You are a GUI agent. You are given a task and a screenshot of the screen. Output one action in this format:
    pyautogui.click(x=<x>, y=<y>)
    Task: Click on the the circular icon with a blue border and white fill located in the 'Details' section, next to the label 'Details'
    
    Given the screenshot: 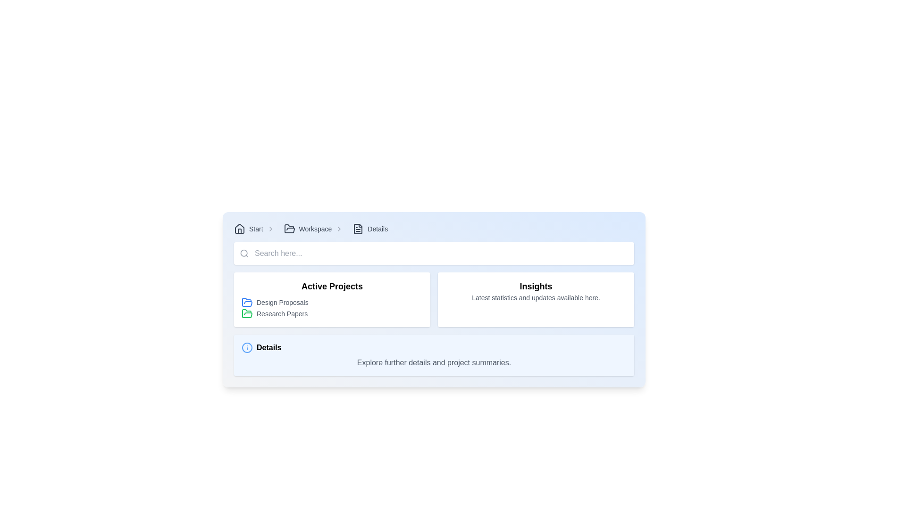 What is the action you would take?
    pyautogui.click(x=247, y=347)
    